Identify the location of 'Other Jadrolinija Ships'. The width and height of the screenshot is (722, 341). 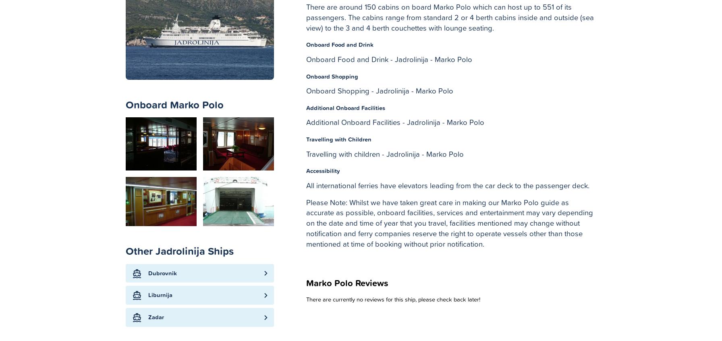
(180, 250).